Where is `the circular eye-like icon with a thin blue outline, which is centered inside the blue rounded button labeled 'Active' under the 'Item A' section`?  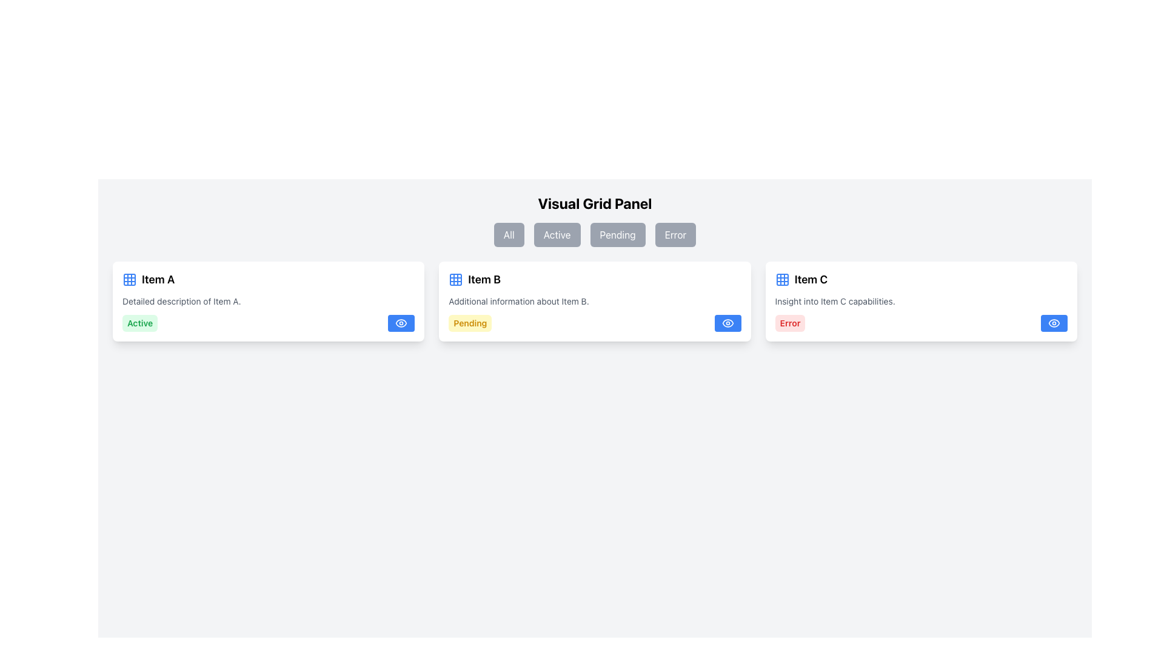
the circular eye-like icon with a thin blue outline, which is centered inside the blue rounded button labeled 'Active' under the 'Item A' section is located at coordinates (401, 322).